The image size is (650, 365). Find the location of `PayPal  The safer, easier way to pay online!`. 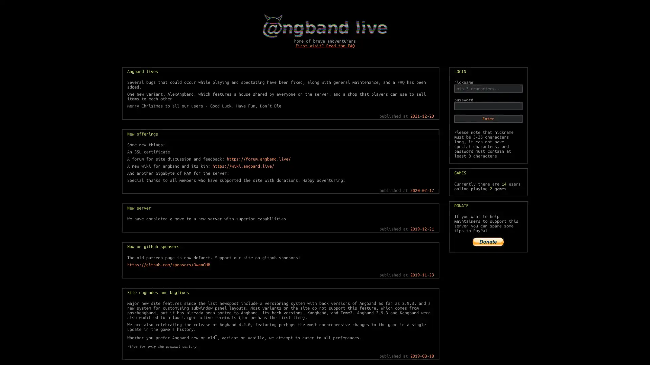

PayPal  The safer, easier way to pay online! is located at coordinates (488, 241).